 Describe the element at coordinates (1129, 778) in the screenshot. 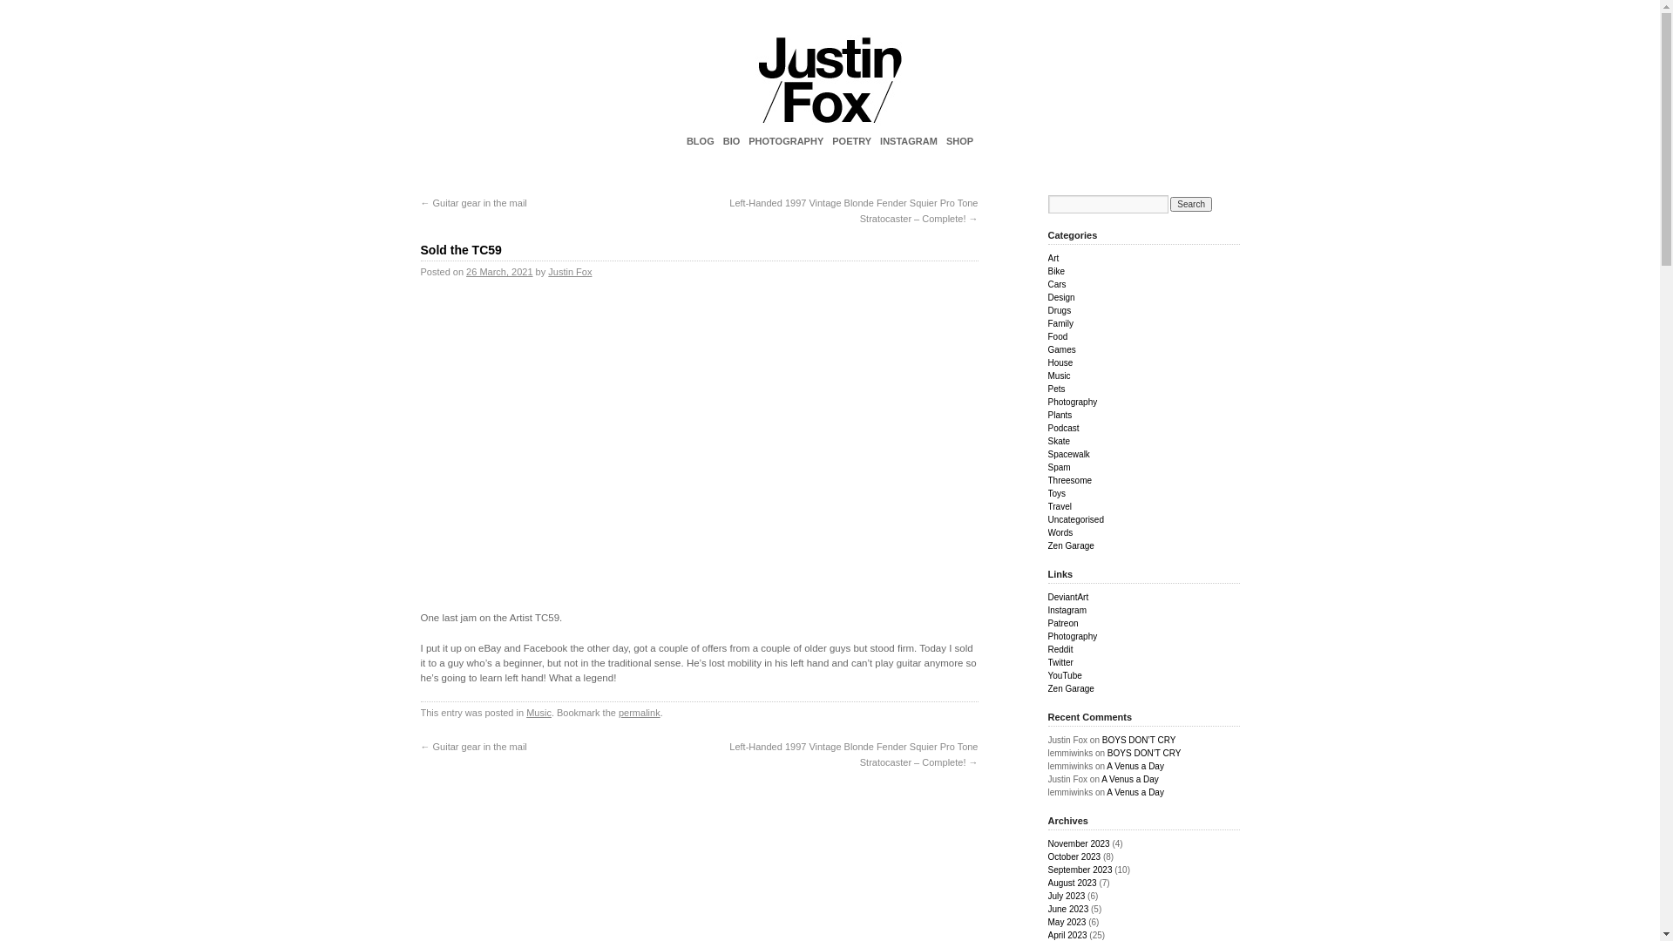

I see `'A Venus a Day'` at that location.